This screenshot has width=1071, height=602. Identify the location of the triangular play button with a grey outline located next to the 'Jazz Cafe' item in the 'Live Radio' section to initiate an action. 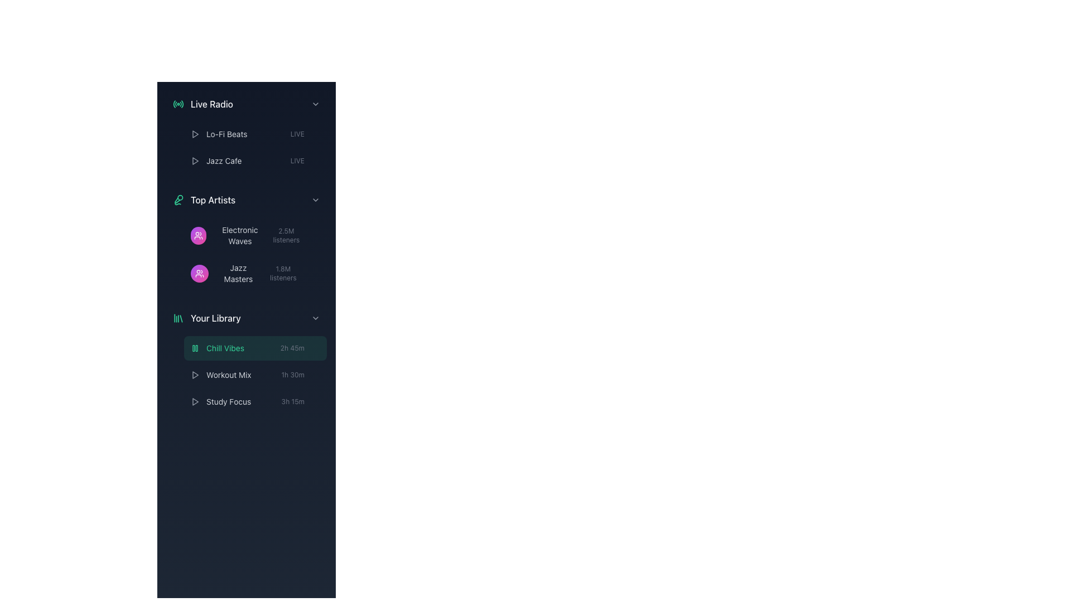
(195, 133).